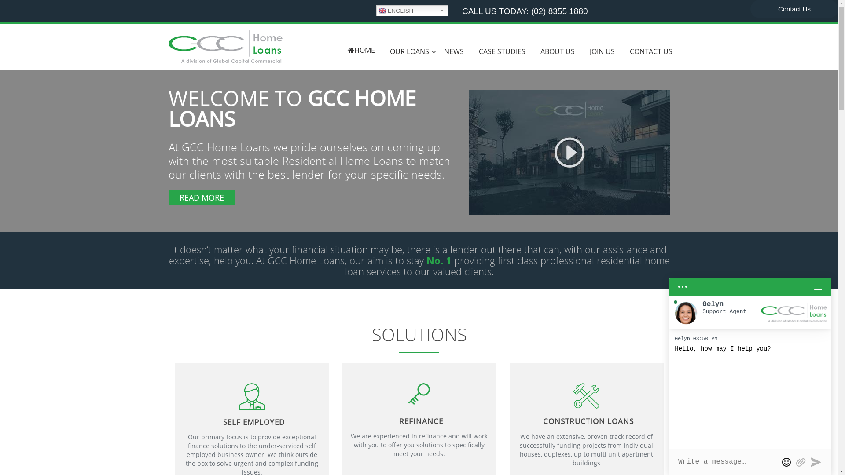  What do you see at coordinates (168, 46) in the screenshot?
I see `'GCC Home Loans'` at bounding box center [168, 46].